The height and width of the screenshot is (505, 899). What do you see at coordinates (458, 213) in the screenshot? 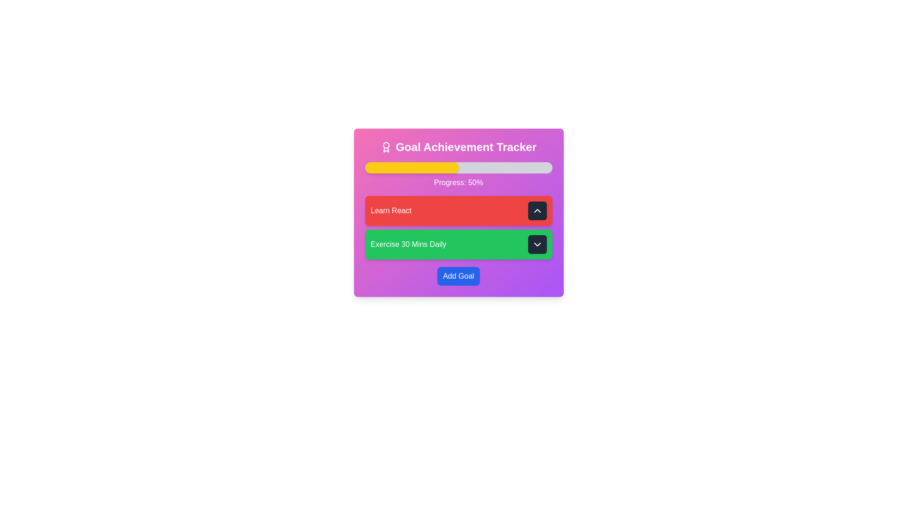
I see `the first goal item in the 'Goal Achievement Tracker' interface, labeled 'Learn React'` at bounding box center [458, 213].